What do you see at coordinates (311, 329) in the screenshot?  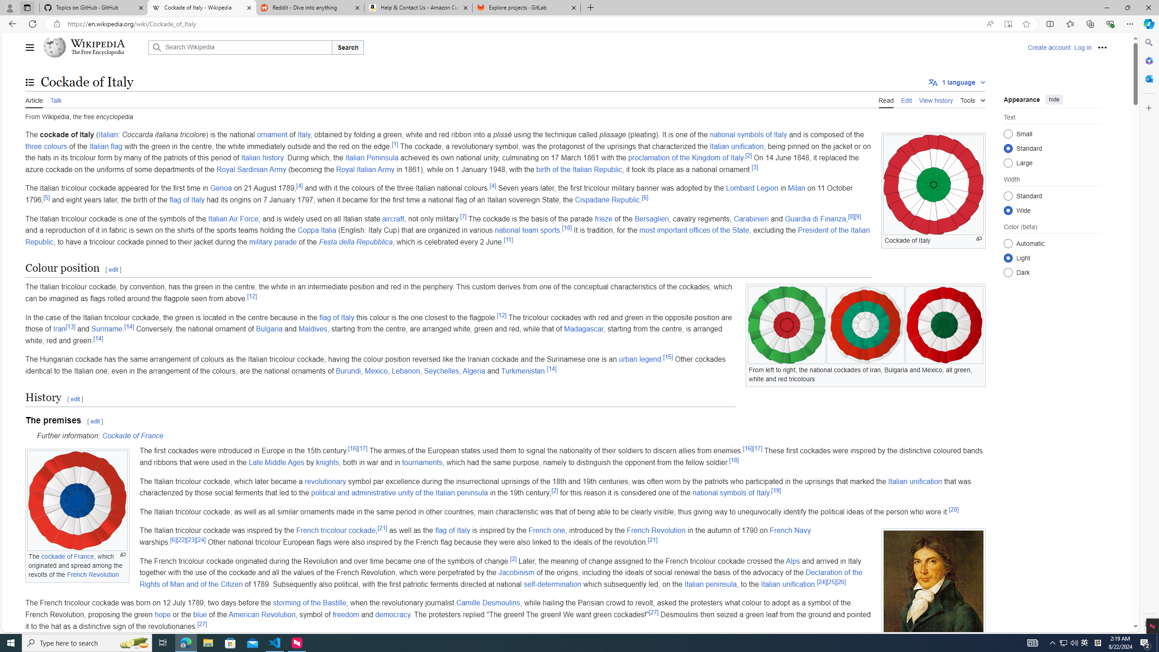 I see `'Maldives'` at bounding box center [311, 329].